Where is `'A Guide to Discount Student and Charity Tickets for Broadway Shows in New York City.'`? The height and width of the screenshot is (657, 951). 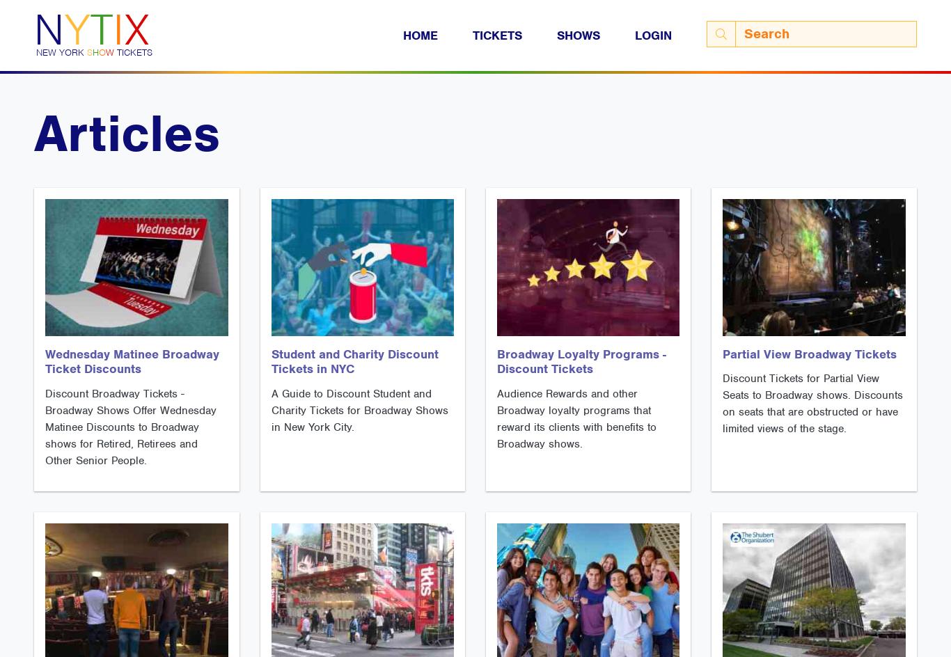 'A Guide to Discount Student and Charity Tickets for Broadway Shows in New York City.' is located at coordinates (359, 411).